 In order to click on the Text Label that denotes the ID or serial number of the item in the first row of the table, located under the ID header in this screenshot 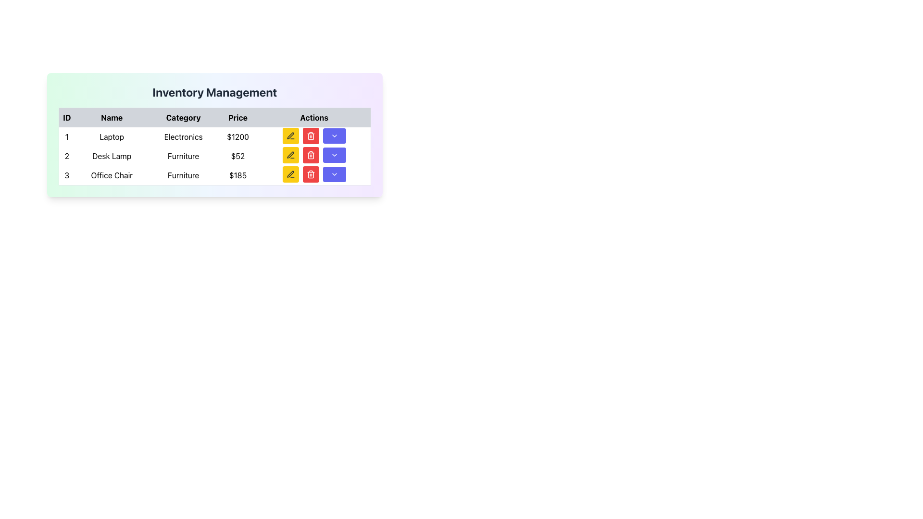, I will do `click(66, 137)`.